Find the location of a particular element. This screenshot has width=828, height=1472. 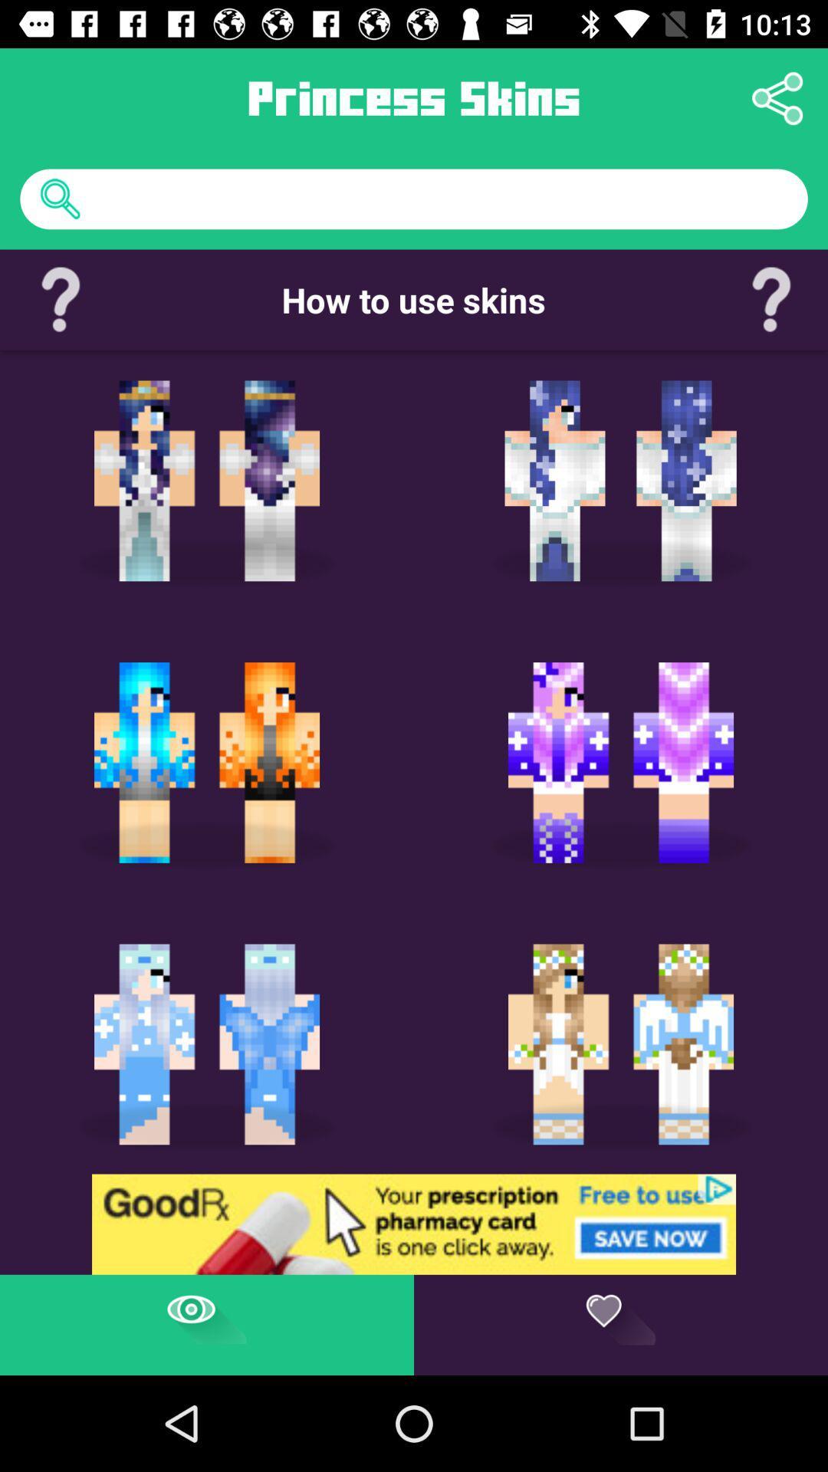

the fullscreen icon is located at coordinates (550, 967).